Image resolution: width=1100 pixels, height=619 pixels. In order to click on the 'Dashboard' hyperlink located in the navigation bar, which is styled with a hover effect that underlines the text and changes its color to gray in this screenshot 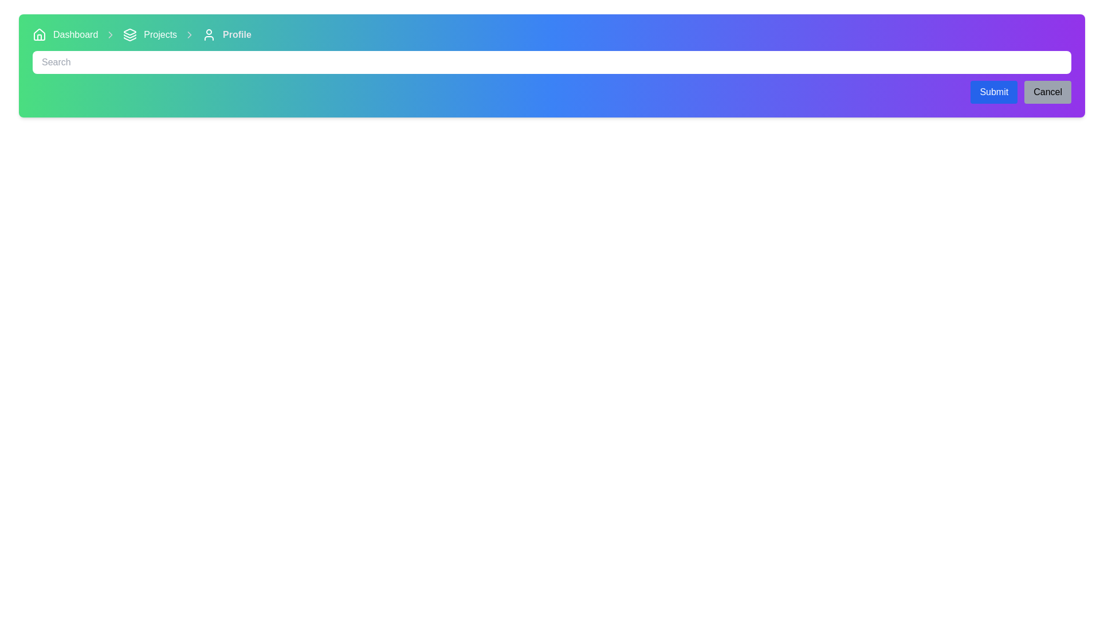, I will do `click(75, 34)`.